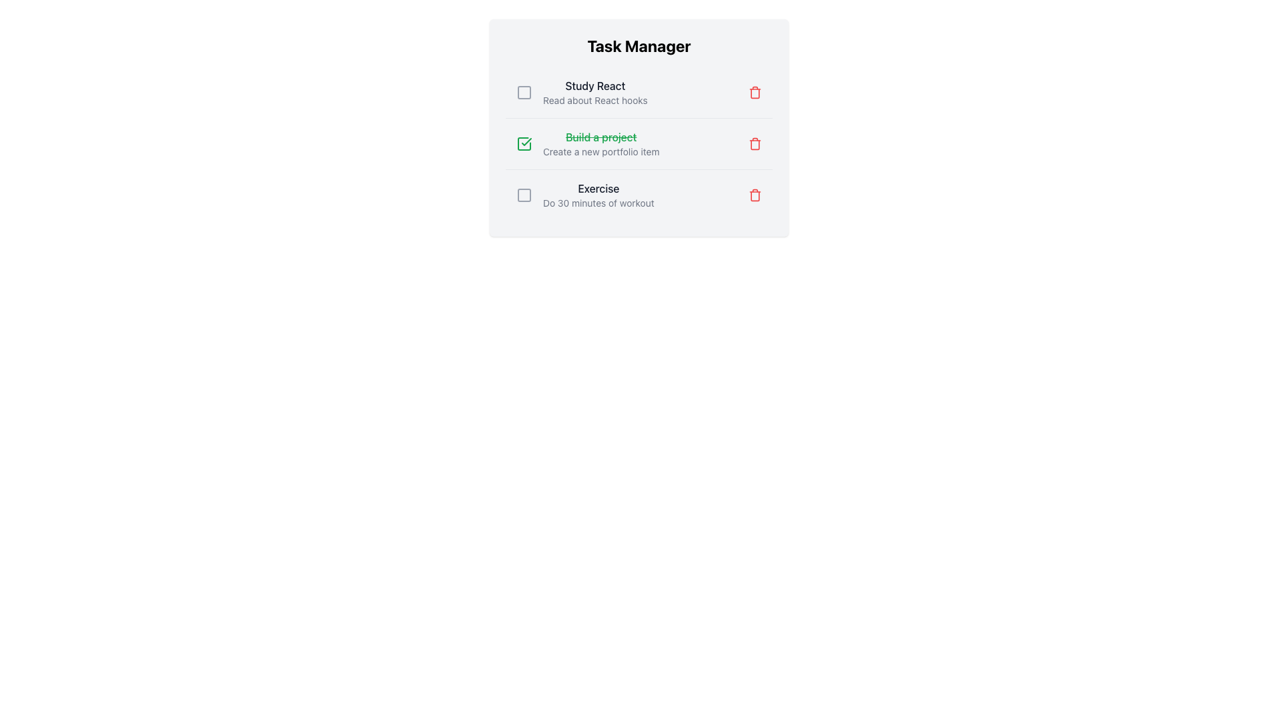 This screenshot has width=1281, height=720. I want to click on the task entry labeled 'Build a project', so click(600, 144).